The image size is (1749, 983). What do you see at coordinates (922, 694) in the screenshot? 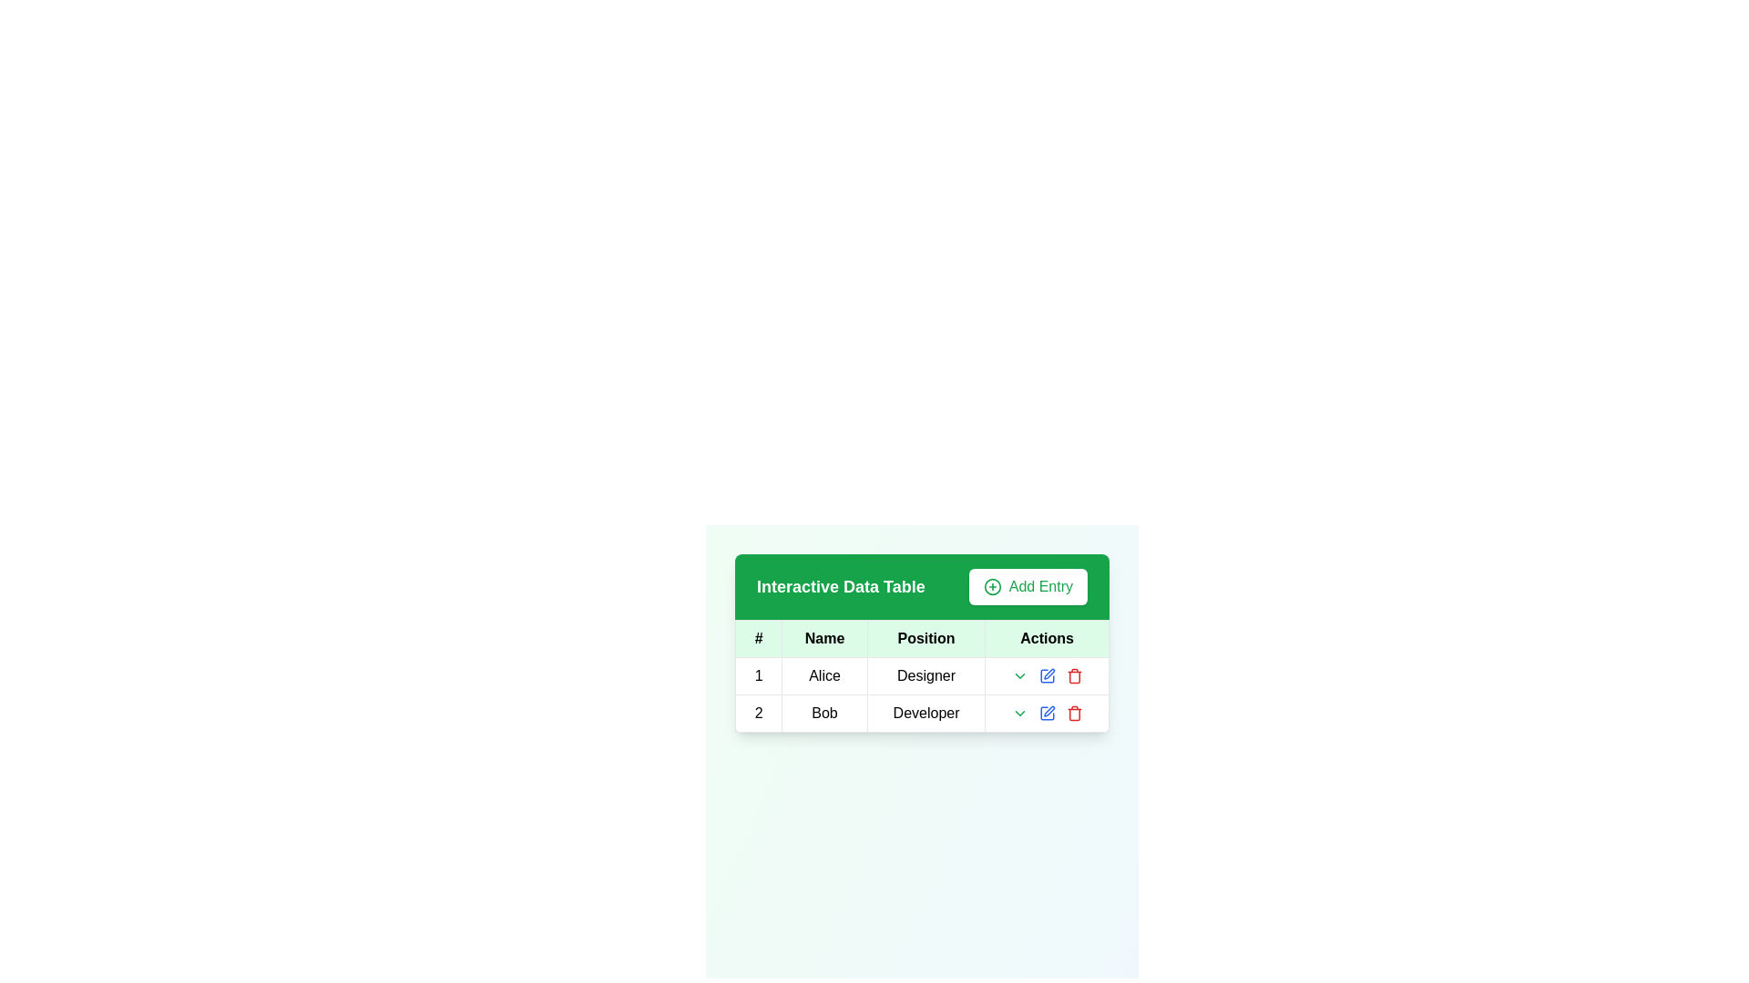
I see `the first row of the 'Interactive Data Table' that contains the data for Alice, the Designer` at bounding box center [922, 694].